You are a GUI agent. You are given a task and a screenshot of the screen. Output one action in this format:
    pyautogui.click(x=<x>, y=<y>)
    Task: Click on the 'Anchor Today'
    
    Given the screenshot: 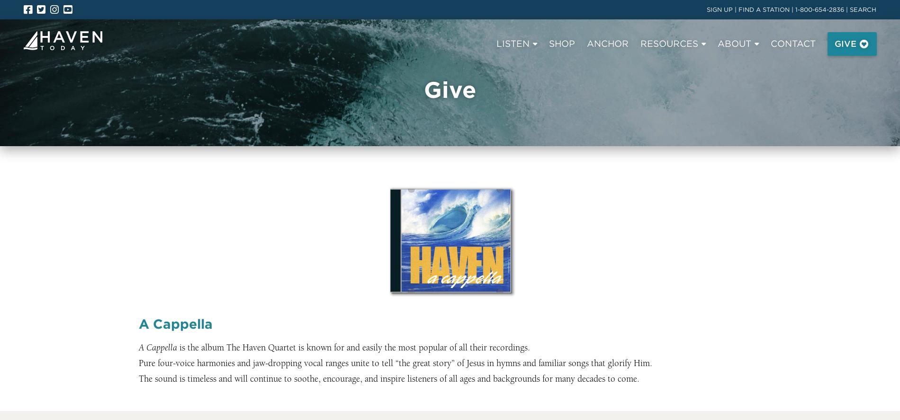 What is the action you would take?
    pyautogui.click(x=163, y=157)
    